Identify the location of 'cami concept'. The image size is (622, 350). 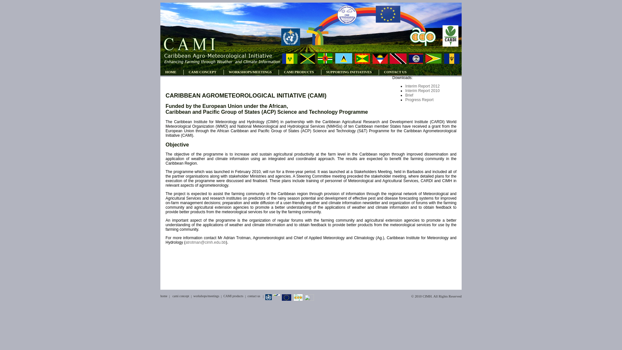
(180, 296).